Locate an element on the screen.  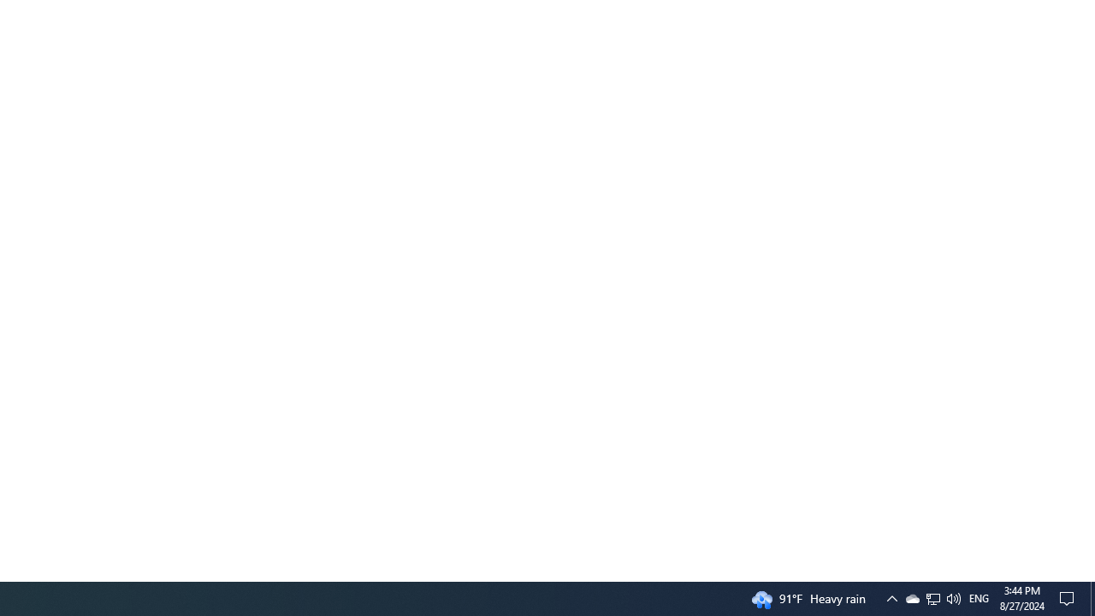
'Show desktop' is located at coordinates (1092, 597).